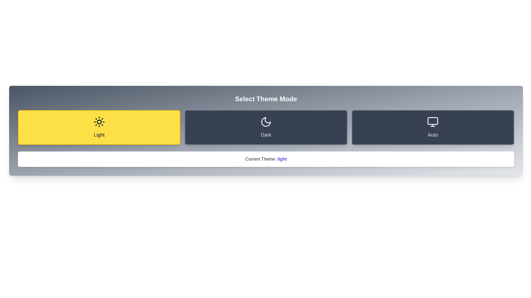  Describe the element at coordinates (433, 127) in the screenshot. I see `the 'Auto' mode button in the theme selection interface to trigger the scale animation` at that location.